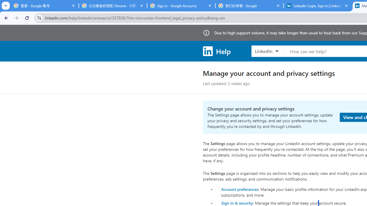 This screenshot has height=206, width=367. Describe the element at coordinates (267, 51) in the screenshot. I see `'LinkedIn products to search, LinkedIn selected'` at that location.